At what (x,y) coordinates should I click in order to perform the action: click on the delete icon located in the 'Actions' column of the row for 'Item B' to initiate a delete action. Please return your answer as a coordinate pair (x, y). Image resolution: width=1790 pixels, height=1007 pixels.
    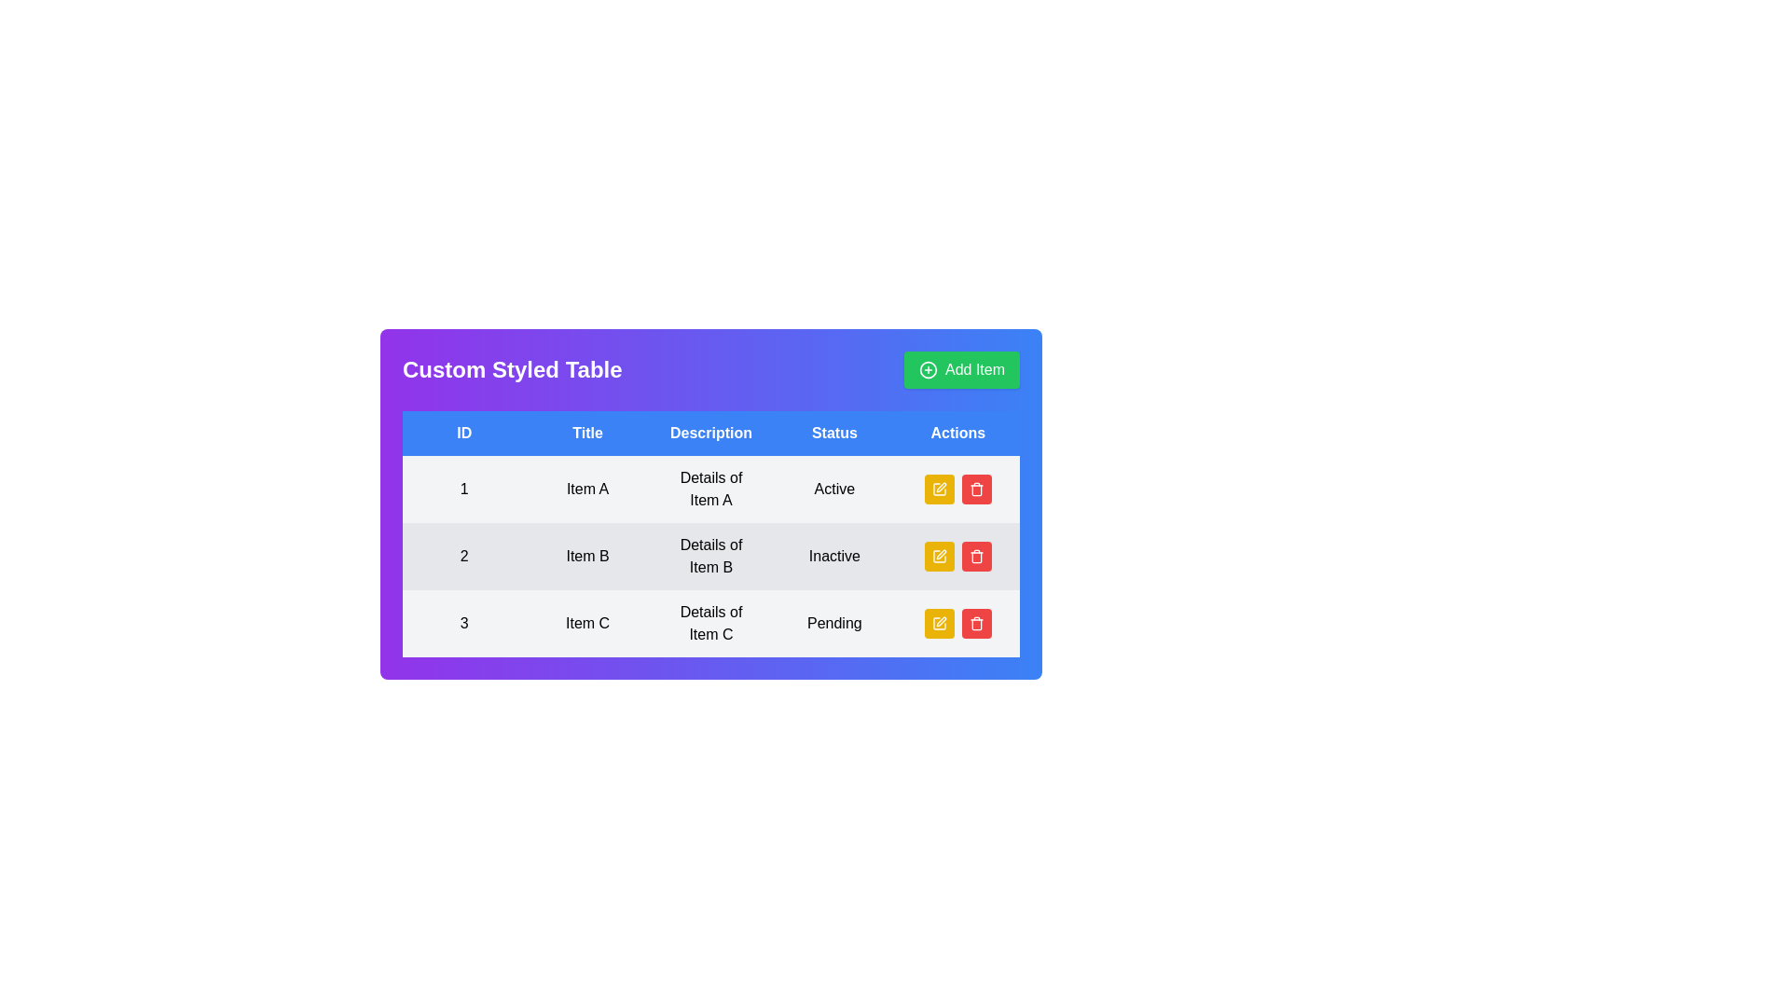
    Looking at the image, I should click on (975, 557).